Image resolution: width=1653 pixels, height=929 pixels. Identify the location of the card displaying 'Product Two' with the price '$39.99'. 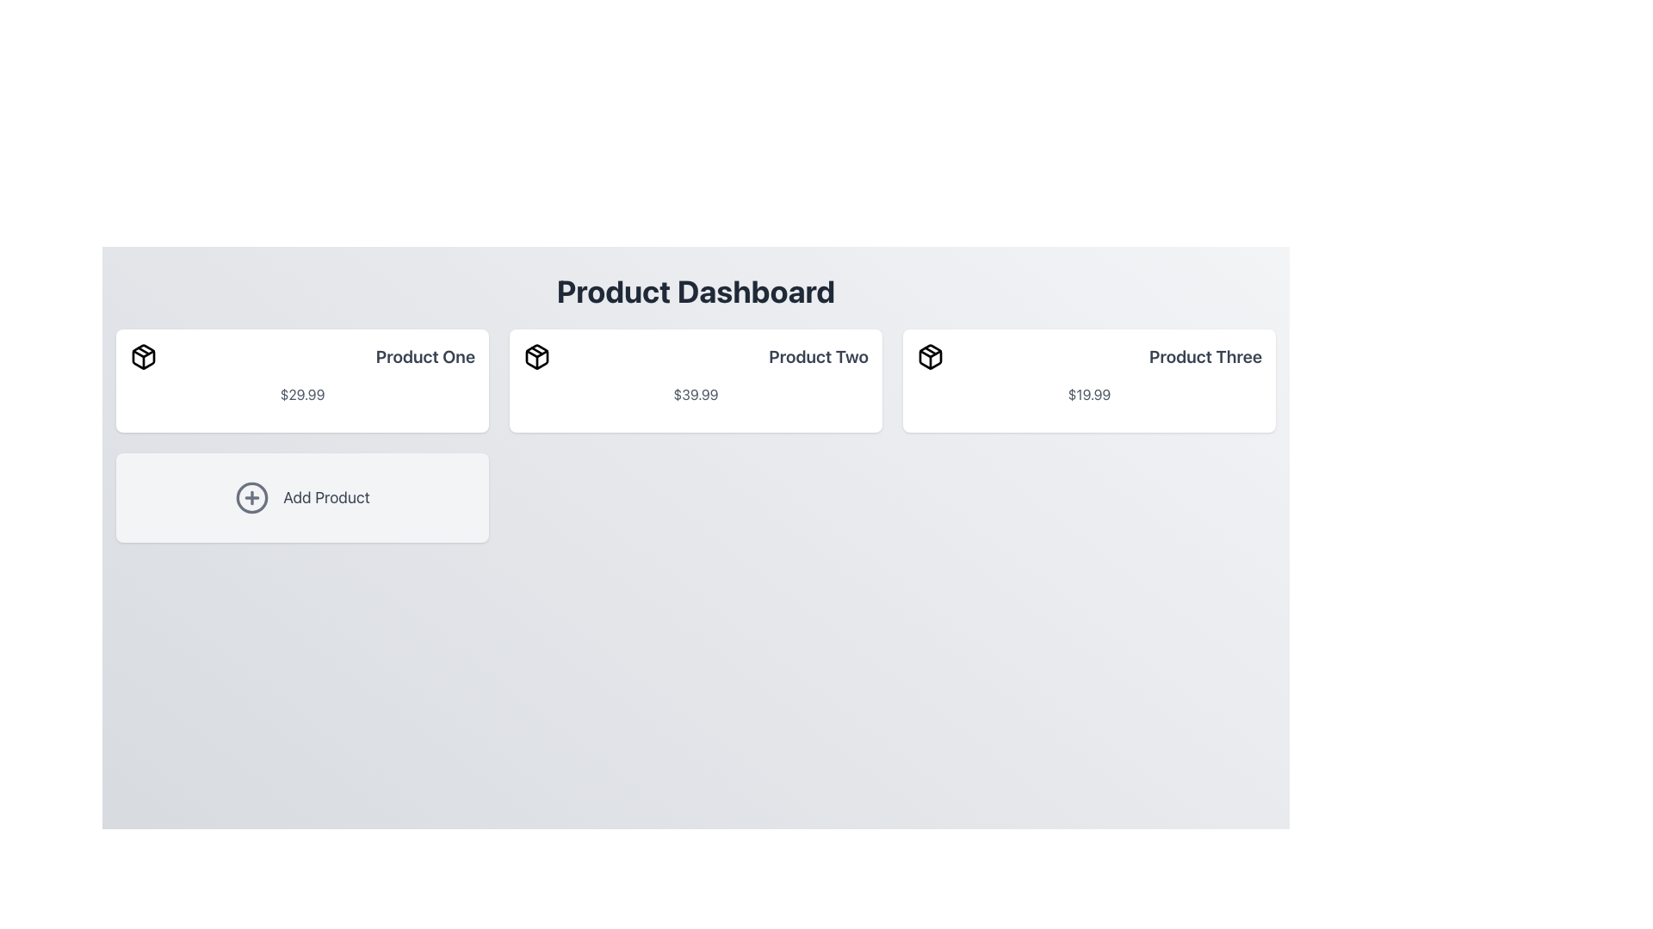
(696, 380).